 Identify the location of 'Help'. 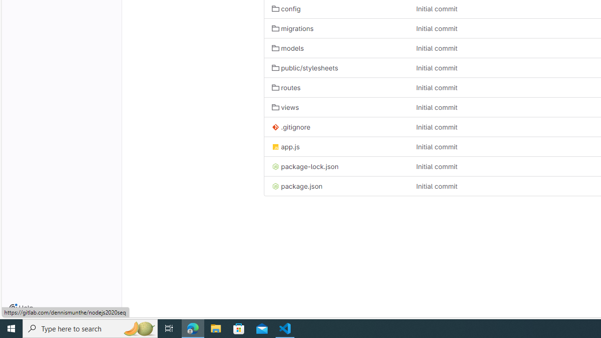
(21, 307).